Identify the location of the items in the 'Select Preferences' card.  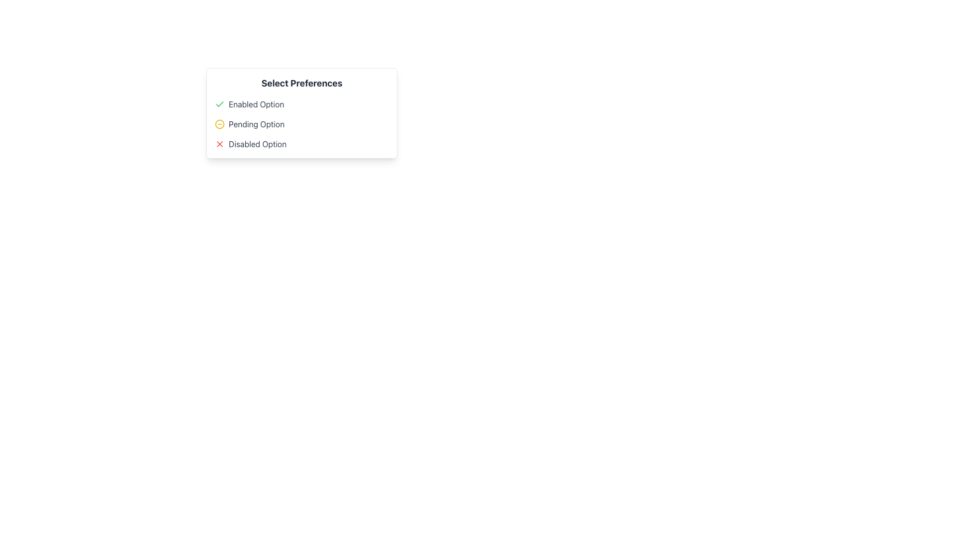
(301, 112).